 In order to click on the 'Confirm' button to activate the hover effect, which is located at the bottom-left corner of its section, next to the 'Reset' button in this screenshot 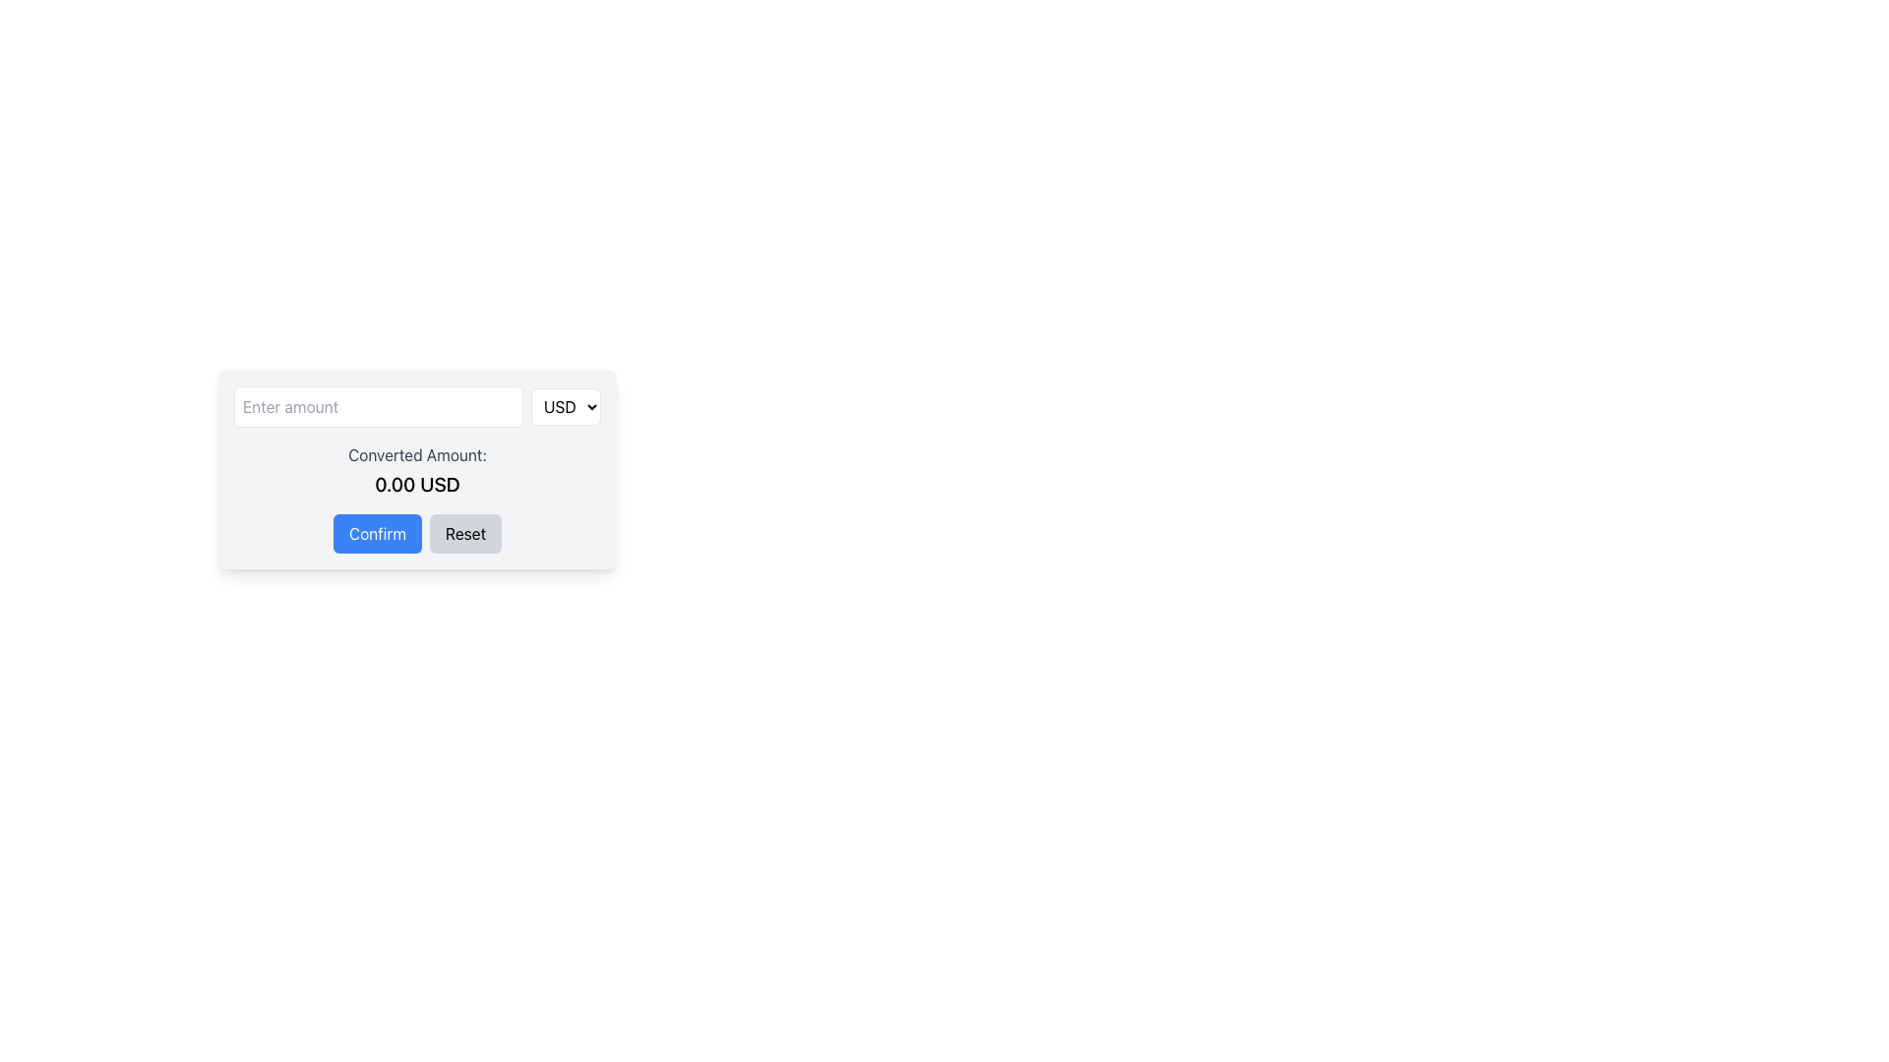, I will do `click(378, 534)`.